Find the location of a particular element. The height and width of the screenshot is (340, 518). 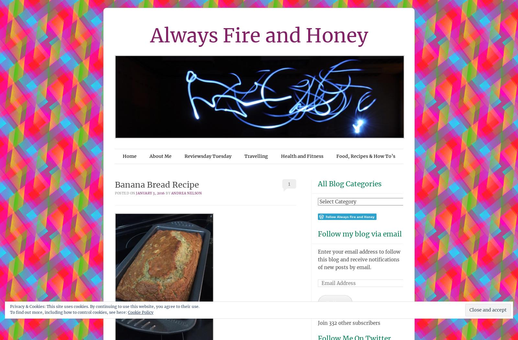

'Comment' is located at coordinates (450, 314).